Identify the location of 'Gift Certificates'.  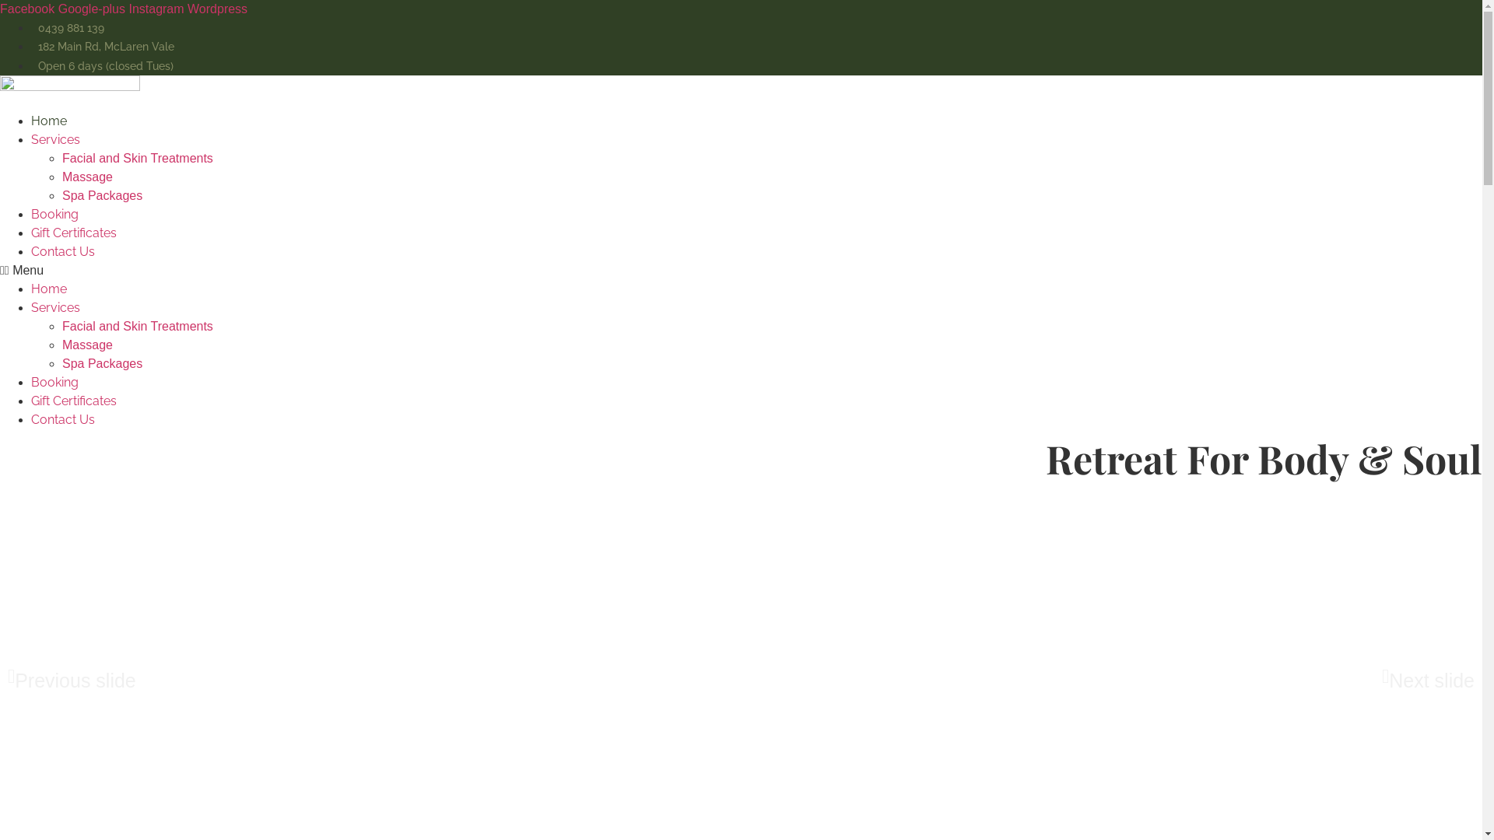
(73, 400).